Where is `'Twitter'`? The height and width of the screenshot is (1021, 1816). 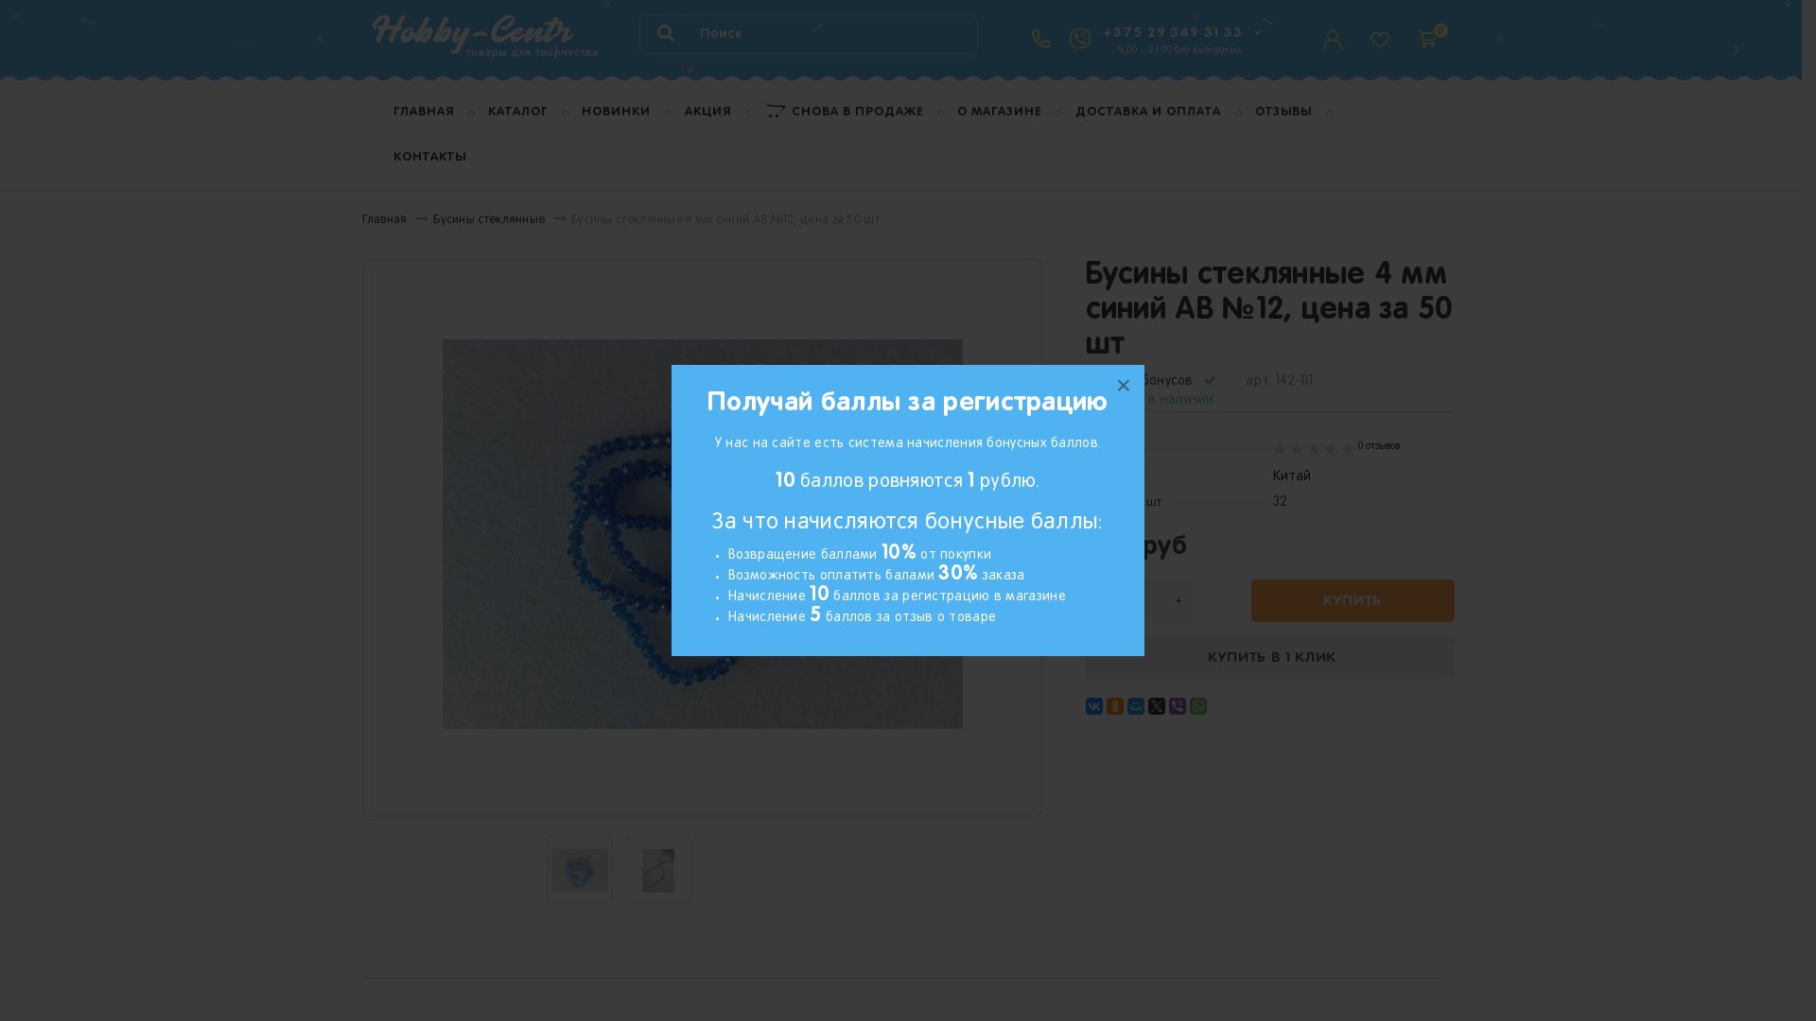 'Twitter' is located at coordinates (1156, 706).